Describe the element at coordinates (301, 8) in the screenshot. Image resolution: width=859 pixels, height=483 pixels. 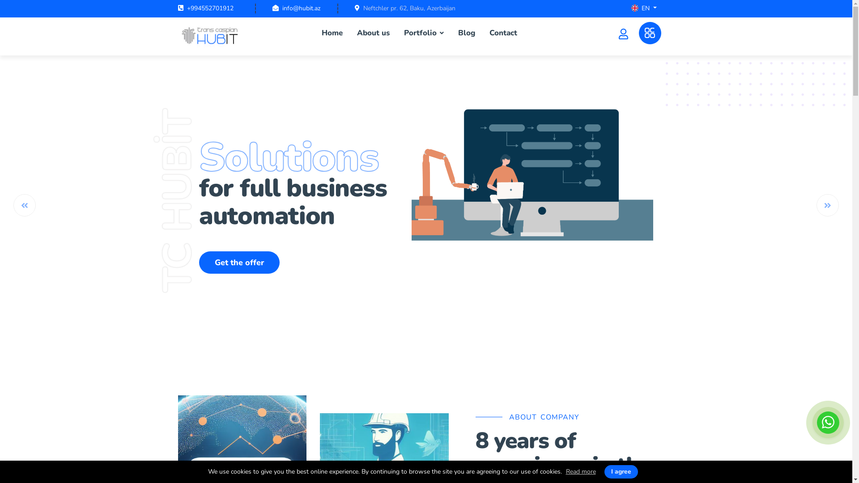
I see `'info@hubit.az'` at that location.